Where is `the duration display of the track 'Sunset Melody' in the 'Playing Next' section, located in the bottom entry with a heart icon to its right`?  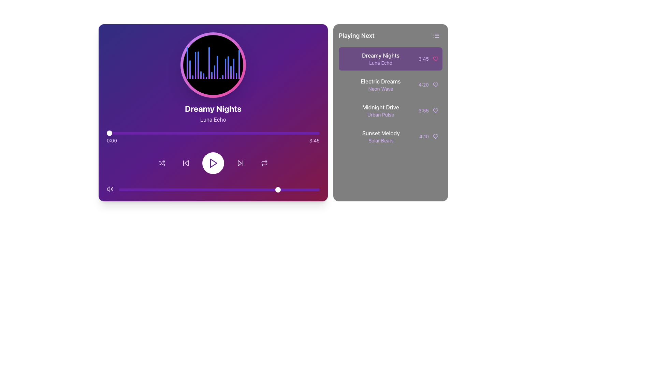 the duration display of the track 'Sunset Melody' in the 'Playing Next' section, located in the bottom entry with a heart icon to its right is located at coordinates (424, 137).